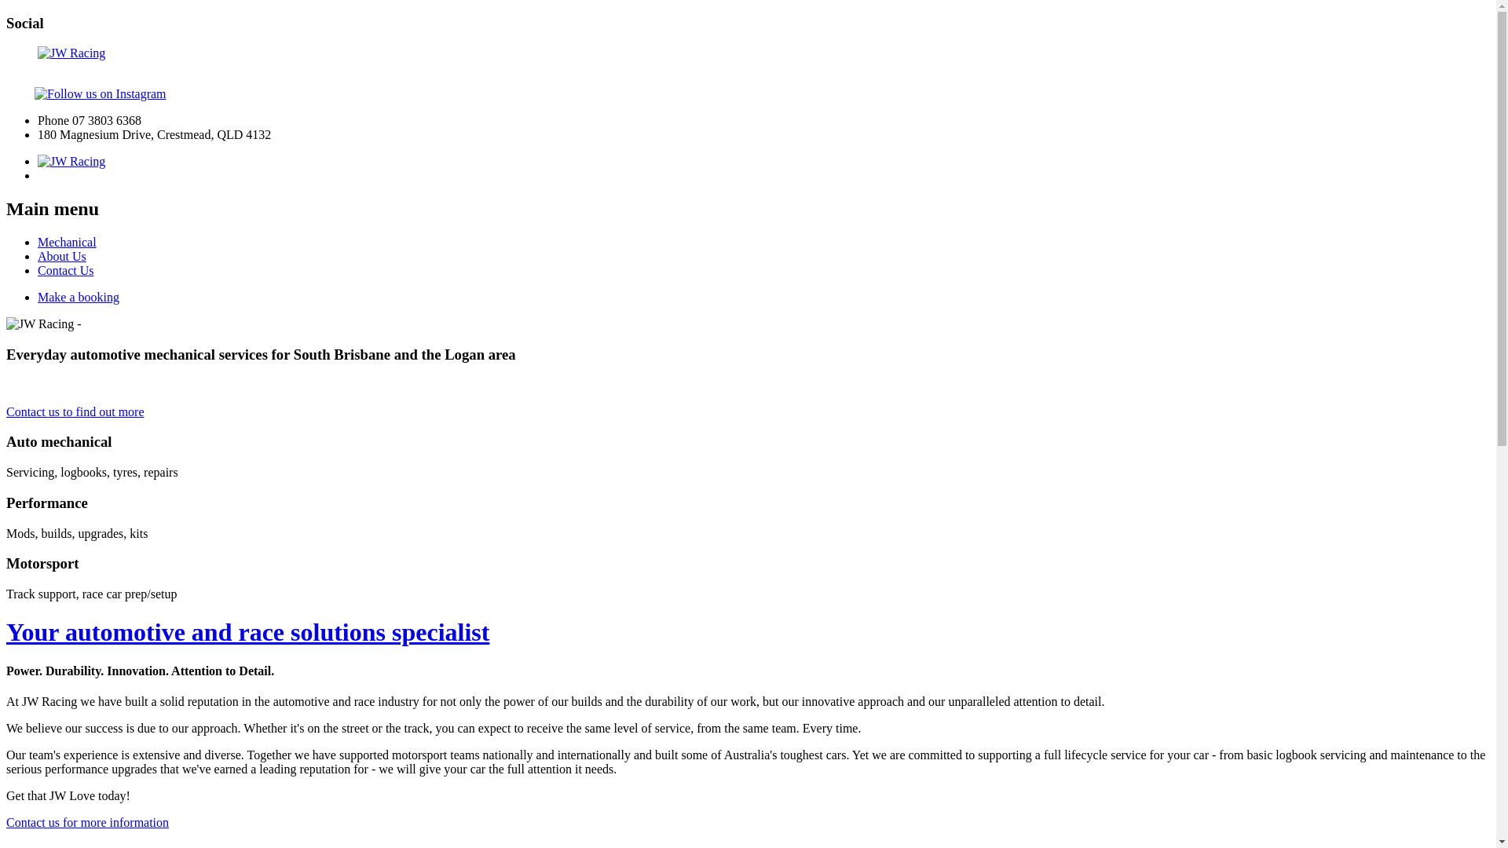  I want to click on 'Follow us on Instagram', so click(100, 93).